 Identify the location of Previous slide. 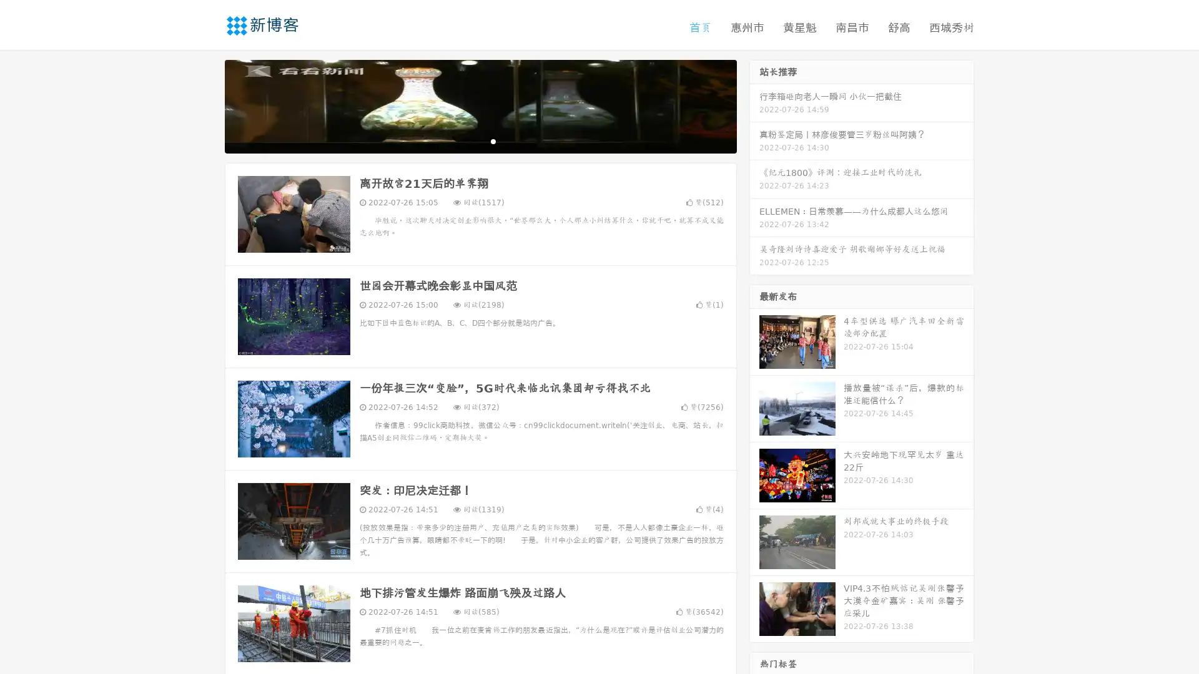
(206, 105).